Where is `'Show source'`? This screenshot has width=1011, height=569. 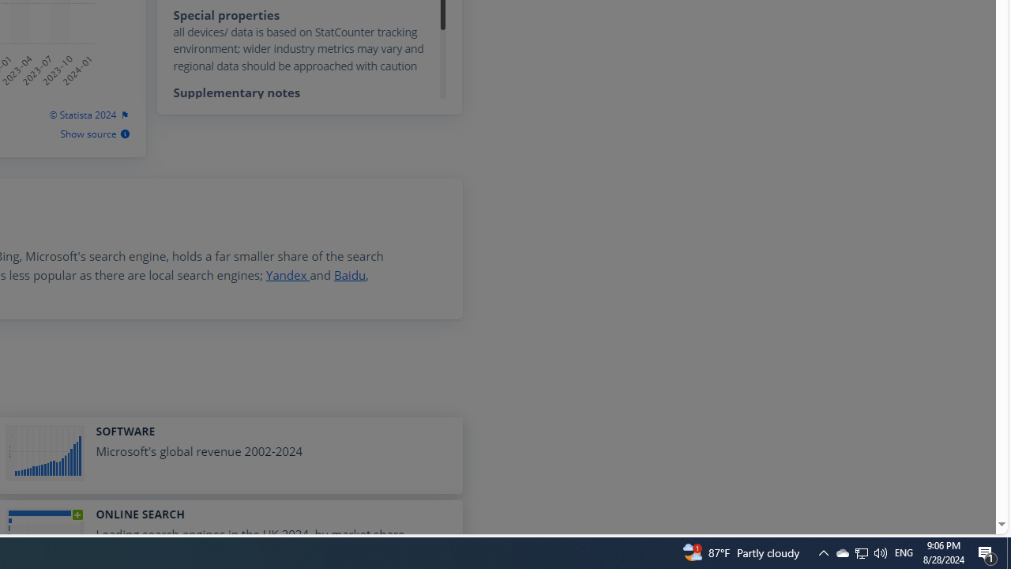 'Show source' is located at coordinates (94, 134).